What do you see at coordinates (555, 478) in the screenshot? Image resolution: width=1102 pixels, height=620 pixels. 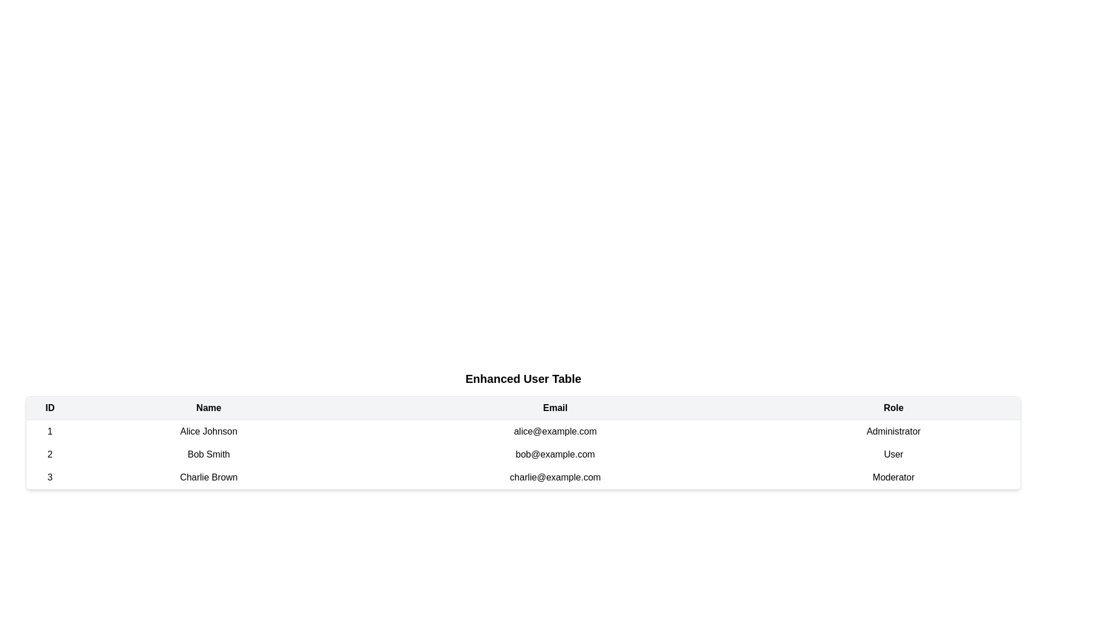 I see `the text label displaying the email address 'charlie@example.com', located in the third row of the 'Email' column between 'Charlie Brown' and 'Moderator'` at bounding box center [555, 478].